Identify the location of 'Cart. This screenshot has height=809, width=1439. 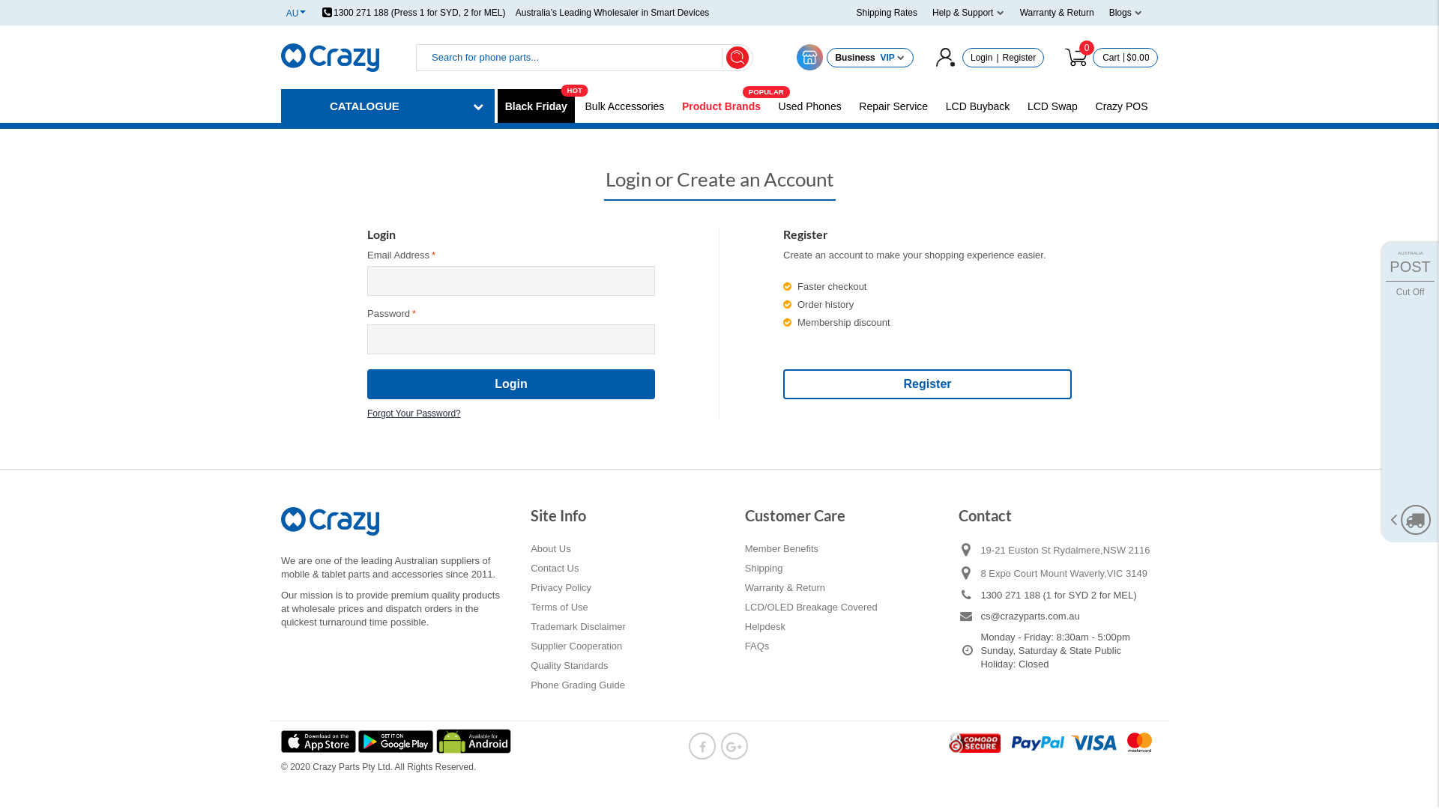
(1108, 56).